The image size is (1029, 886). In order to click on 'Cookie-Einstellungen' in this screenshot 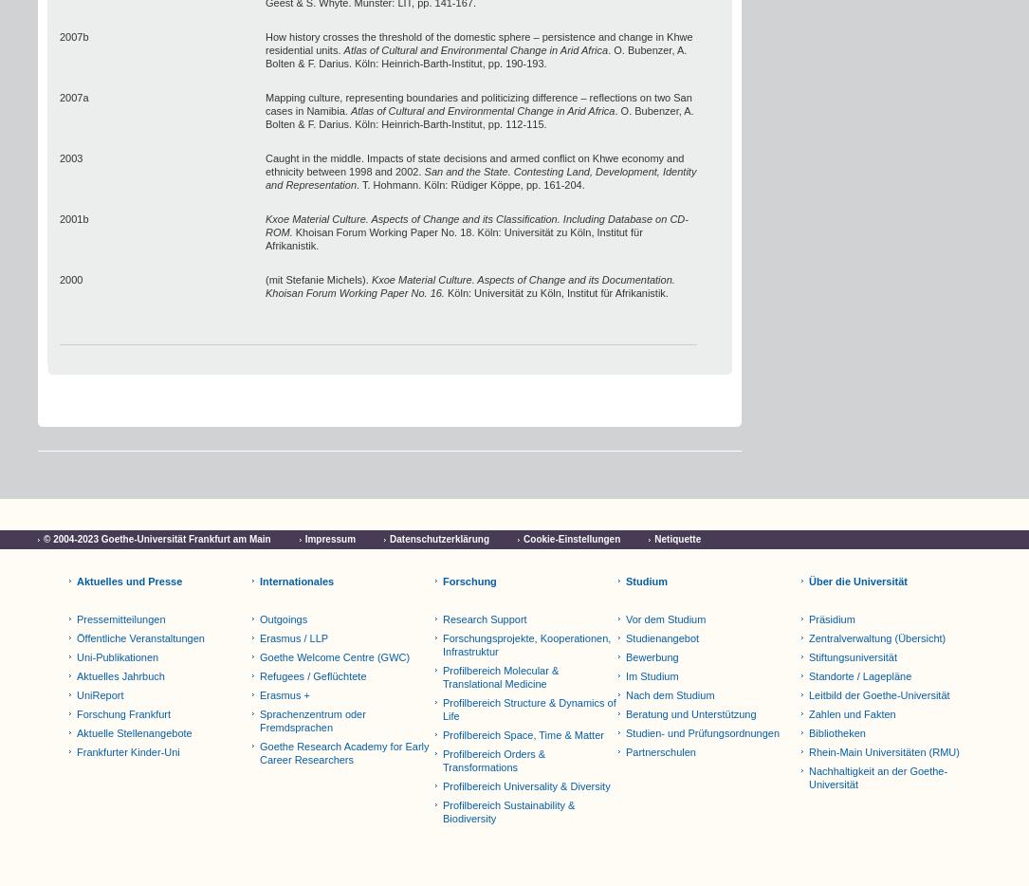, I will do `click(571, 538)`.